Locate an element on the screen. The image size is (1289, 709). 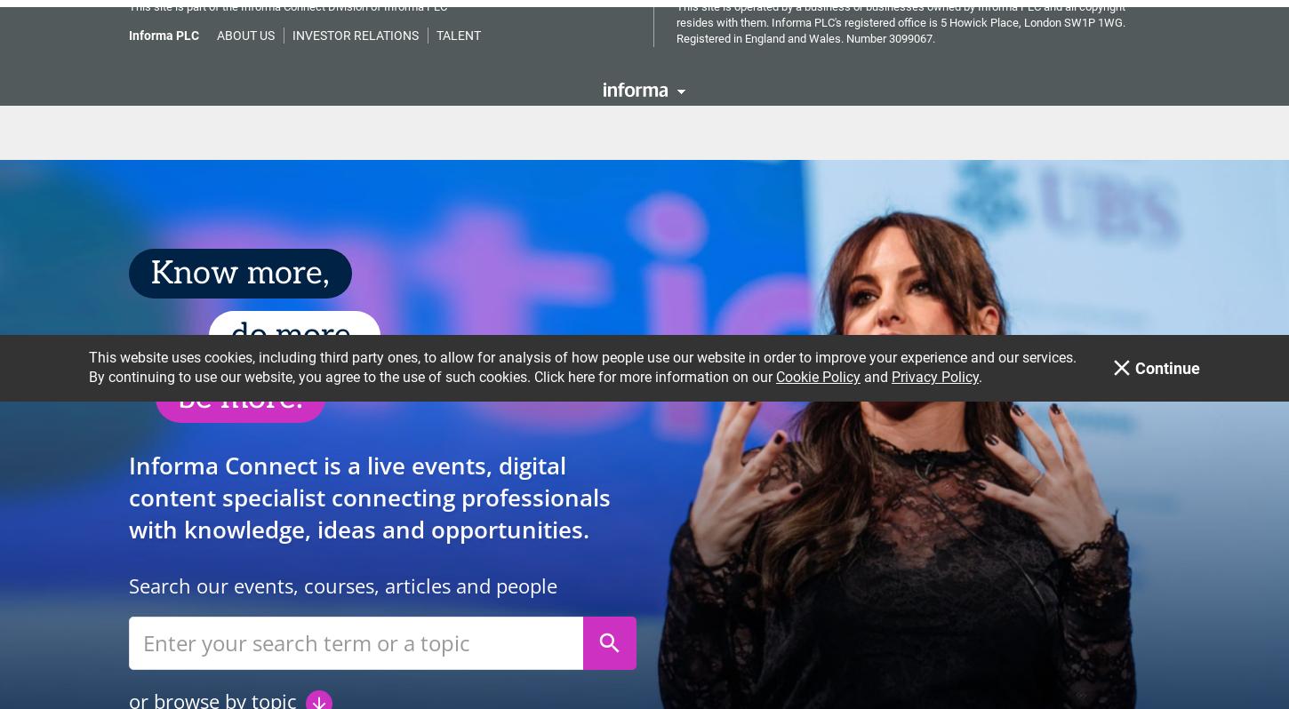
'Know more,' is located at coordinates (149, 265).